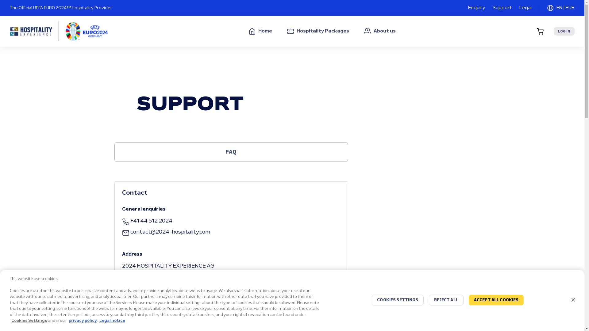 The width and height of the screenshot is (589, 331). What do you see at coordinates (147, 221) in the screenshot?
I see `'+41 44 512 2024'` at bounding box center [147, 221].